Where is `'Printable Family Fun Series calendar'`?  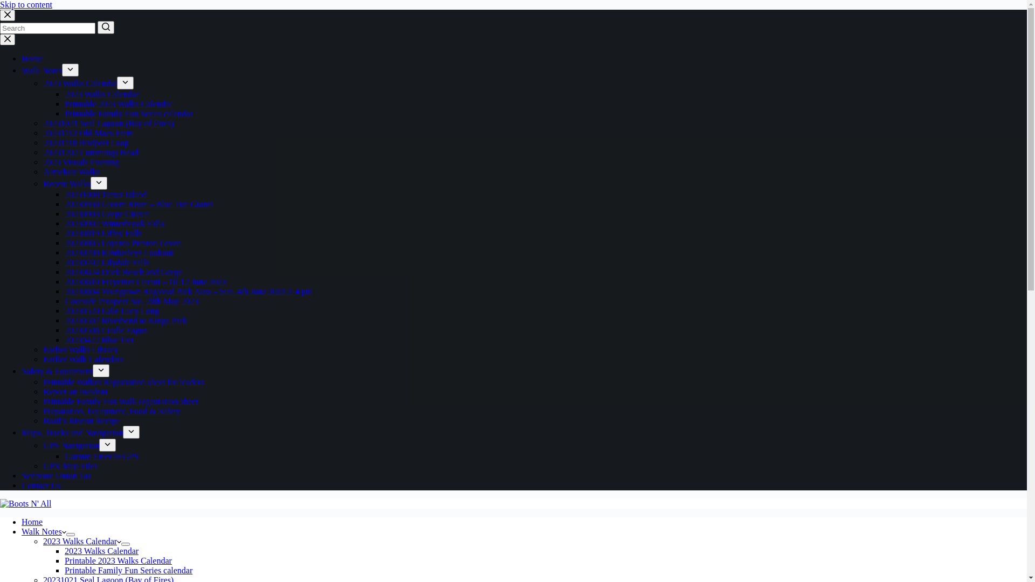 'Printable Family Fun Series calendar' is located at coordinates (128, 570).